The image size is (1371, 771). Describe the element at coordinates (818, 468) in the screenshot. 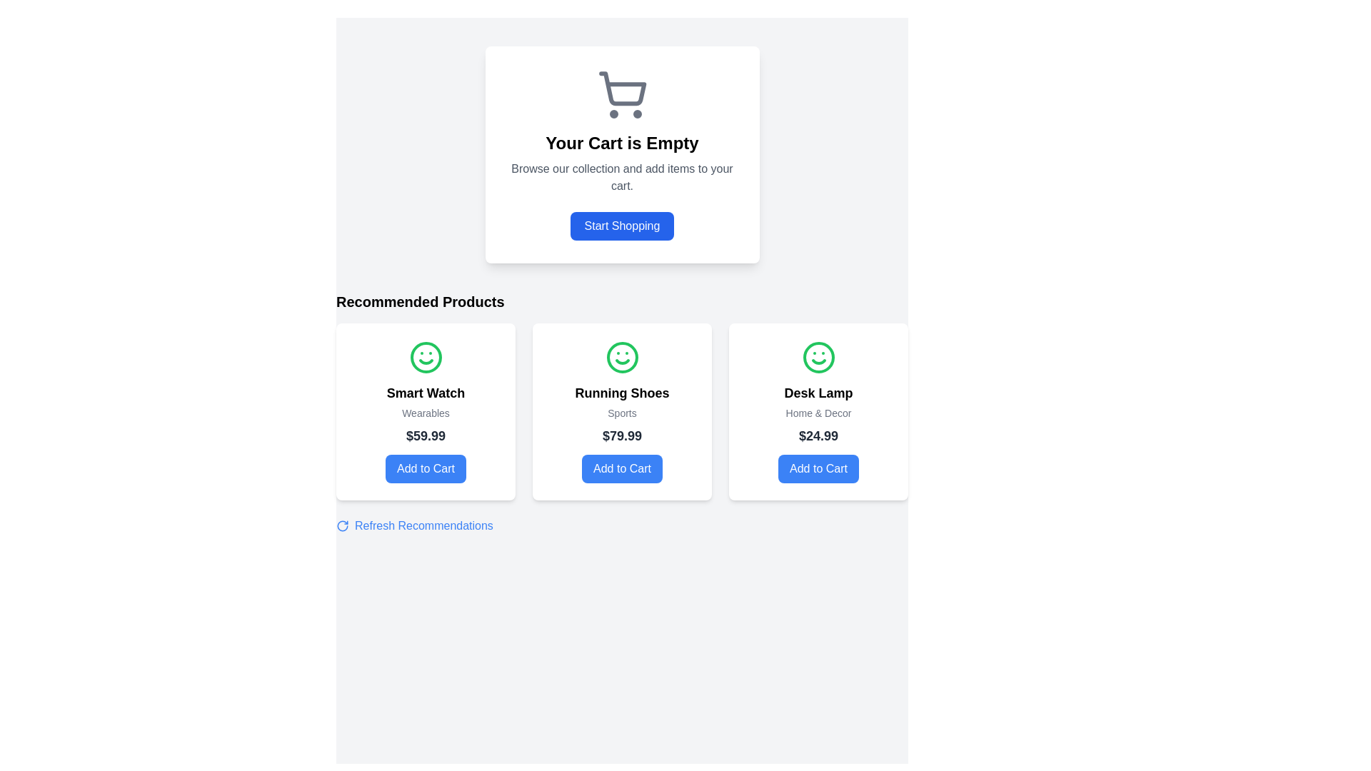

I see `the blue 'Add to Cart' button with rounded corners to observe the visual state change` at that location.